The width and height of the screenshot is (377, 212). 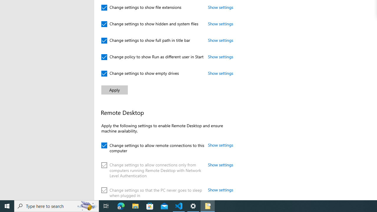 What do you see at coordinates (57, 206) in the screenshot?
I see `'Type here to search'` at bounding box center [57, 206].